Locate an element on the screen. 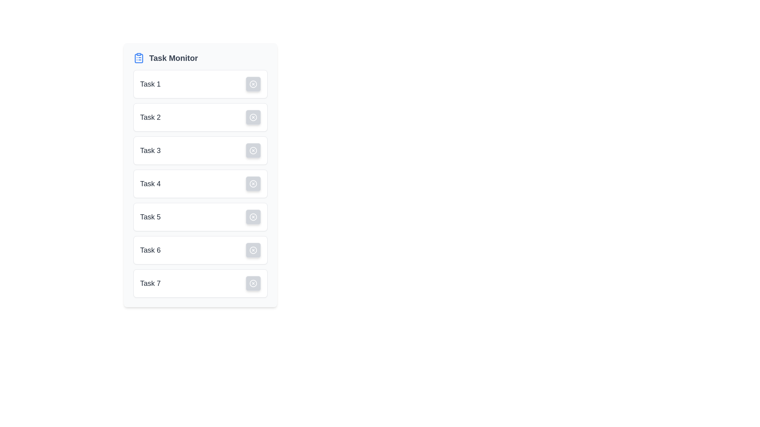  and drop the list item labeled 'Task 7' is located at coordinates (200, 283).